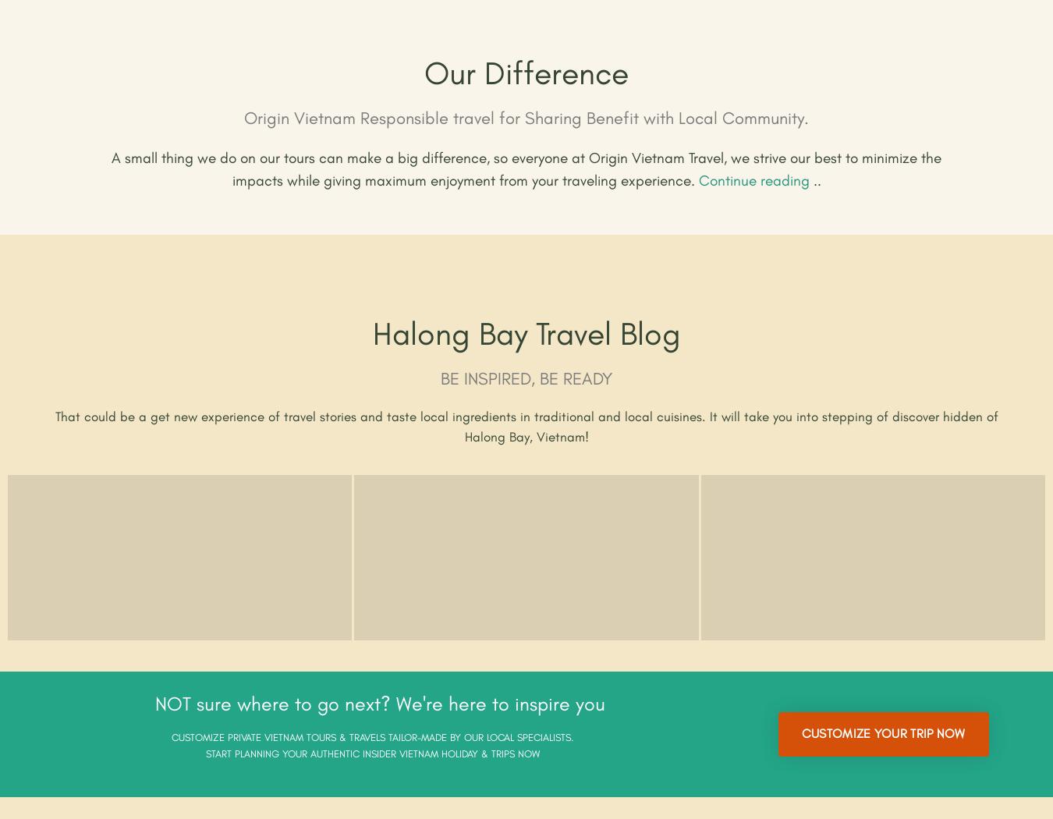  What do you see at coordinates (814, 180) in the screenshot?
I see `'..'` at bounding box center [814, 180].